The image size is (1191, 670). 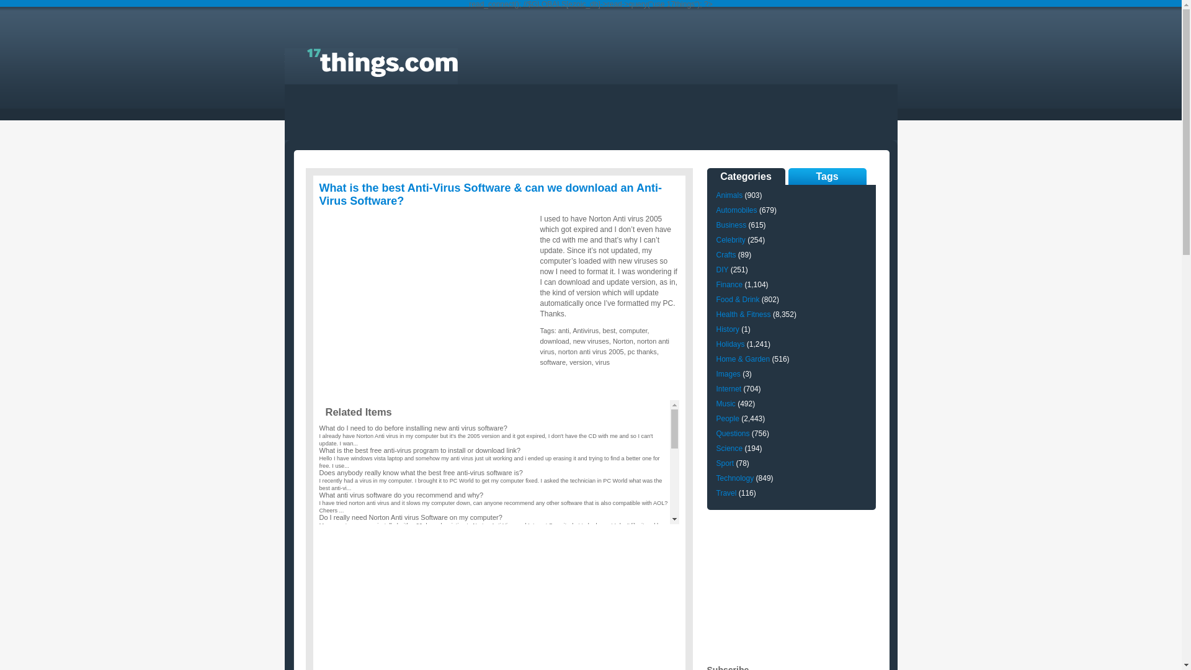 I want to click on 'Do I really need Norton Anti virus Software on my computer?', so click(x=410, y=517).